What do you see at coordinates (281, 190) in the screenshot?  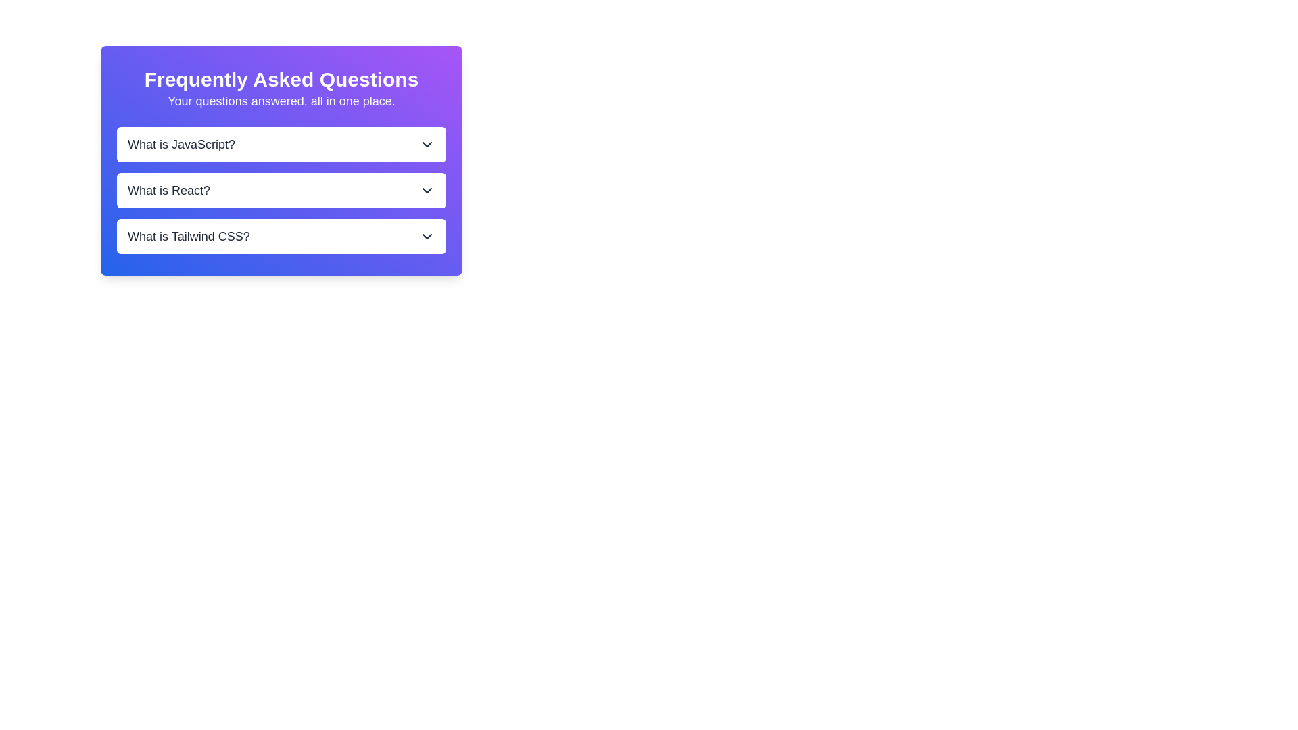 I see `the Collapsible Section Header titled 'What is React?'` at bounding box center [281, 190].